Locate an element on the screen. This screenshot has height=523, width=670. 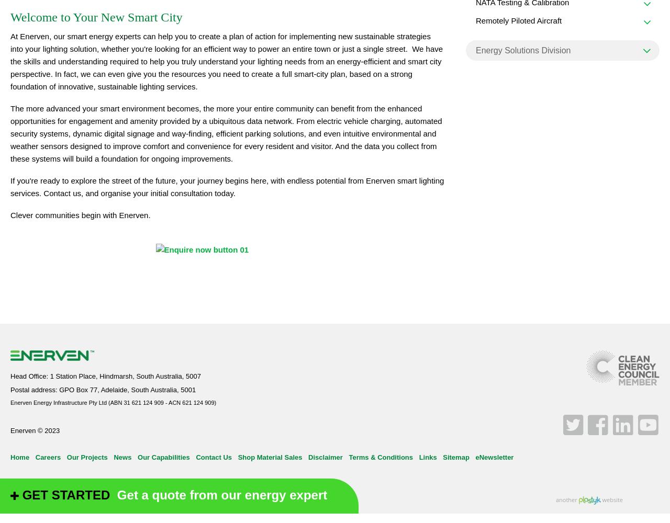
'website' is located at coordinates (600, 498).